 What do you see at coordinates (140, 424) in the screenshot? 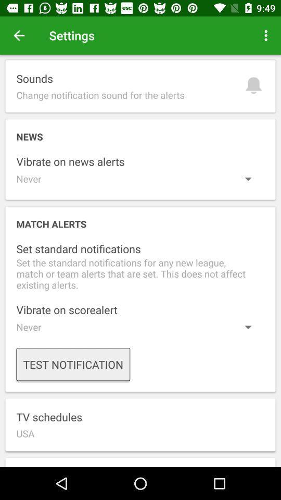
I see `tv schedules` at bounding box center [140, 424].